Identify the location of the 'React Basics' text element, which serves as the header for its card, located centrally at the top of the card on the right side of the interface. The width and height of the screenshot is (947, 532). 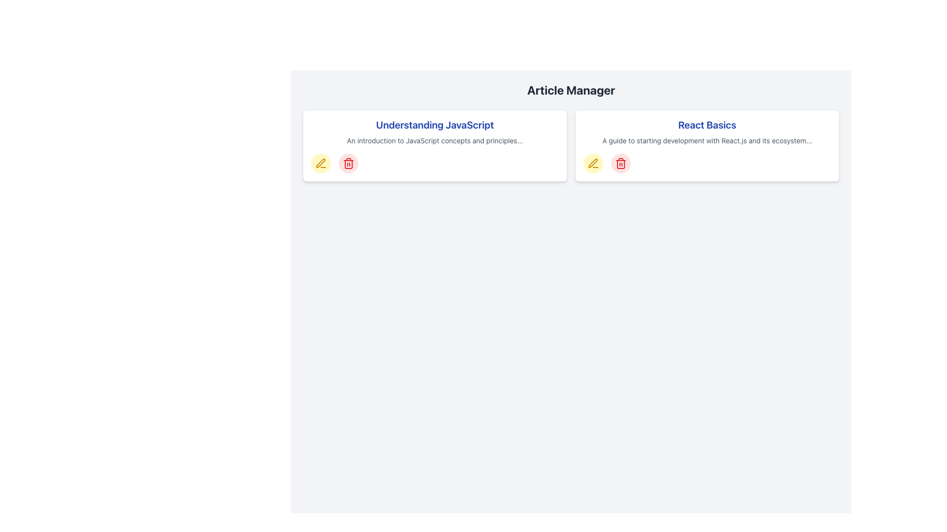
(707, 125).